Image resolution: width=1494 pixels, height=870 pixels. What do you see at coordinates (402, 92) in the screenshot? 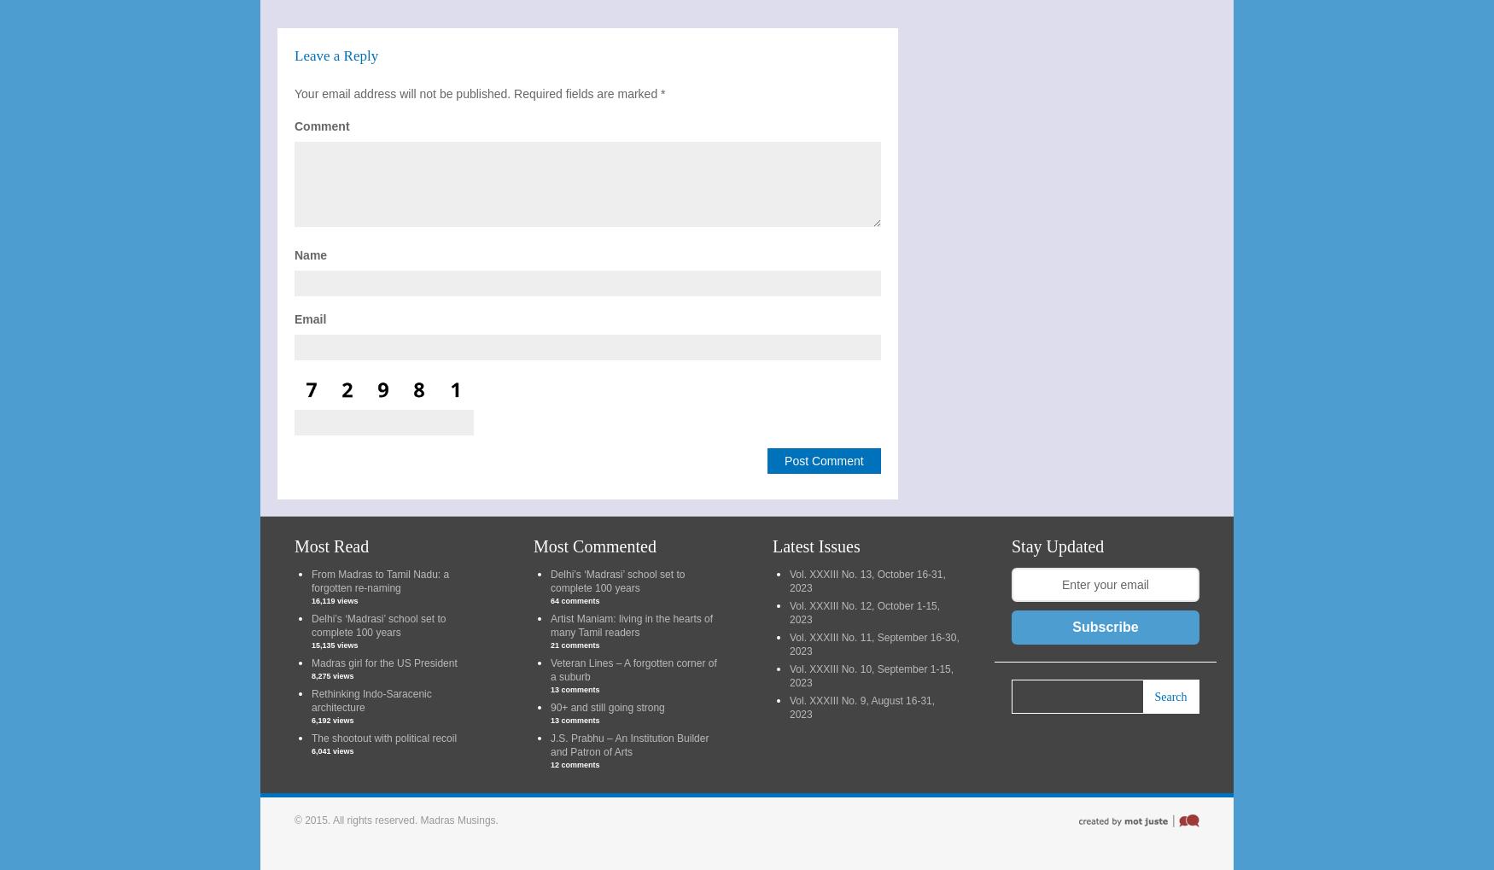
I see `'Your email address will not be published.'` at bounding box center [402, 92].